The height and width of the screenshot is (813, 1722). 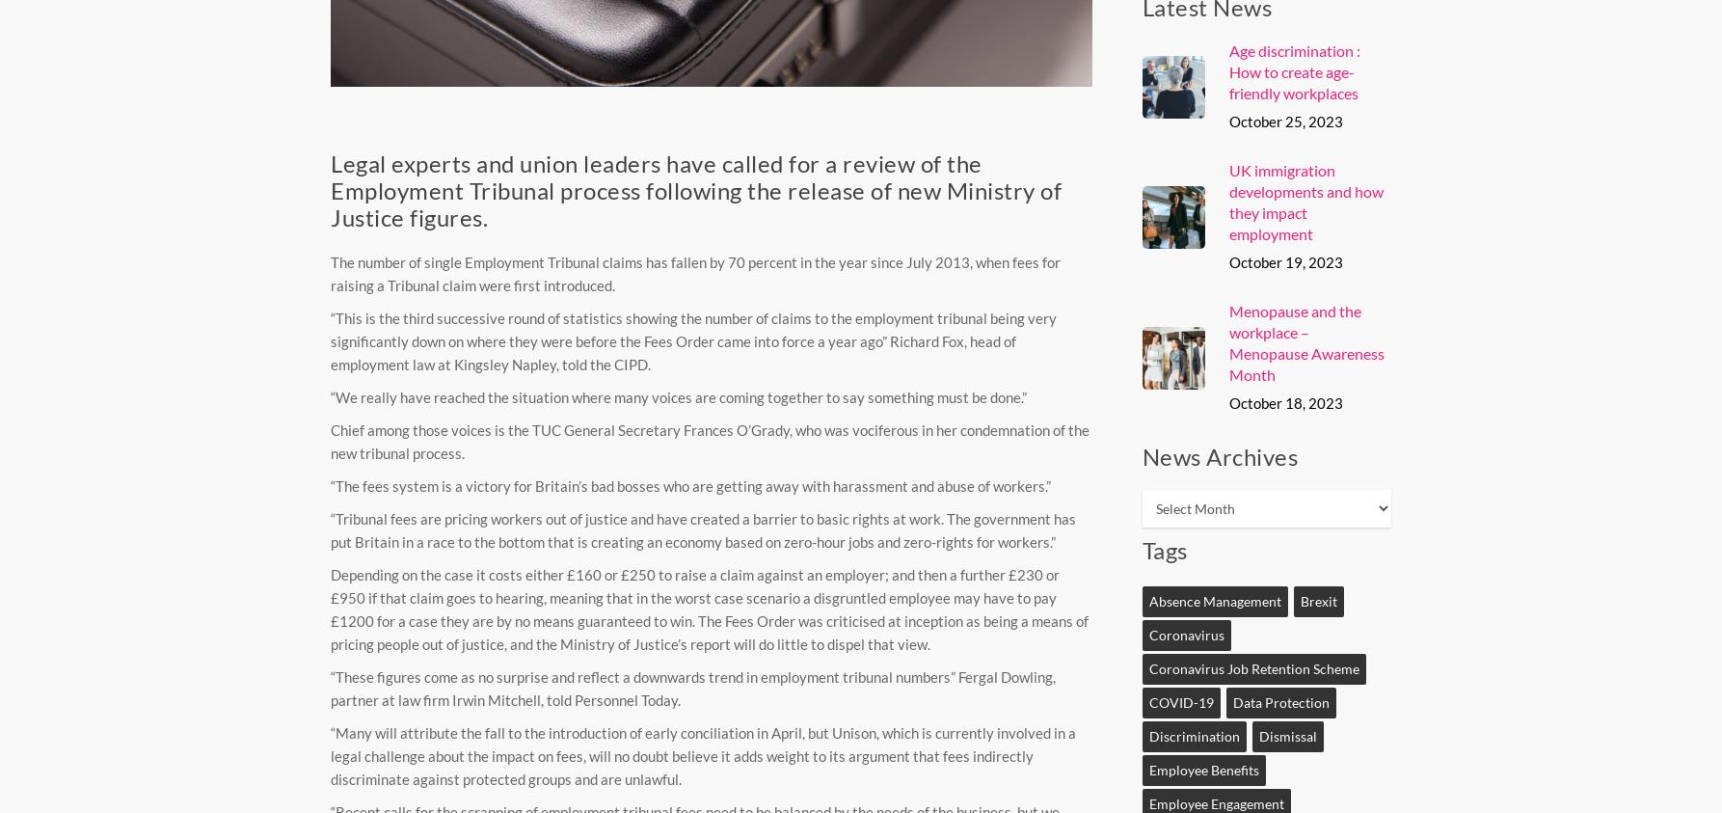 I want to click on '“Tribunal fees are pricing workers out of justice and have created a barrier to basic rights at work. The government has put Britain in a race to the bottom that is creating an economy based on zero-hour jobs and zero-rights for workers.”', so click(x=703, y=528).